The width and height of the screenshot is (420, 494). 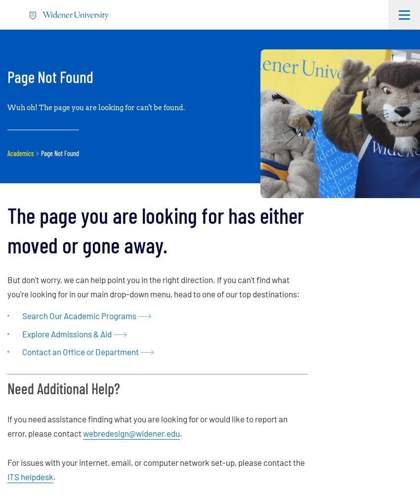 What do you see at coordinates (6, 425) in the screenshot?
I see `'If you need assistance finding what you are looking for or would like to report an error, please contact'` at bounding box center [6, 425].